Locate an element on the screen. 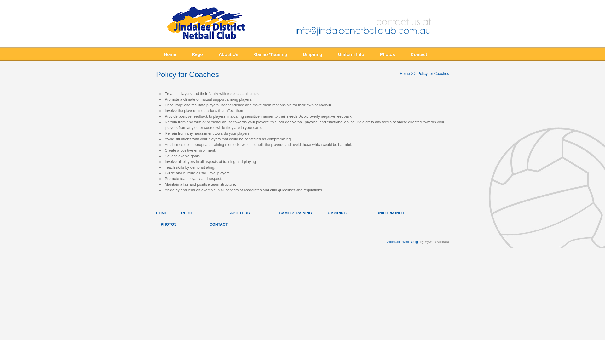 This screenshot has width=605, height=340. 'REGO' is located at coordinates (186, 213).